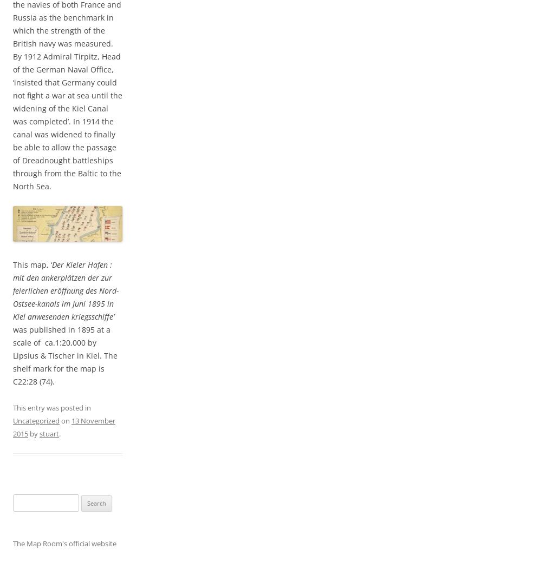 The height and width of the screenshot is (576, 546). I want to click on 'Der Kieler Hafen : mit den ankerplätzen der zur feierlichen eröffnung des Nord-Ostsee-kanals im Juni 1895 in Kiel anwesenden kriegsschiffe’', so click(12, 290).